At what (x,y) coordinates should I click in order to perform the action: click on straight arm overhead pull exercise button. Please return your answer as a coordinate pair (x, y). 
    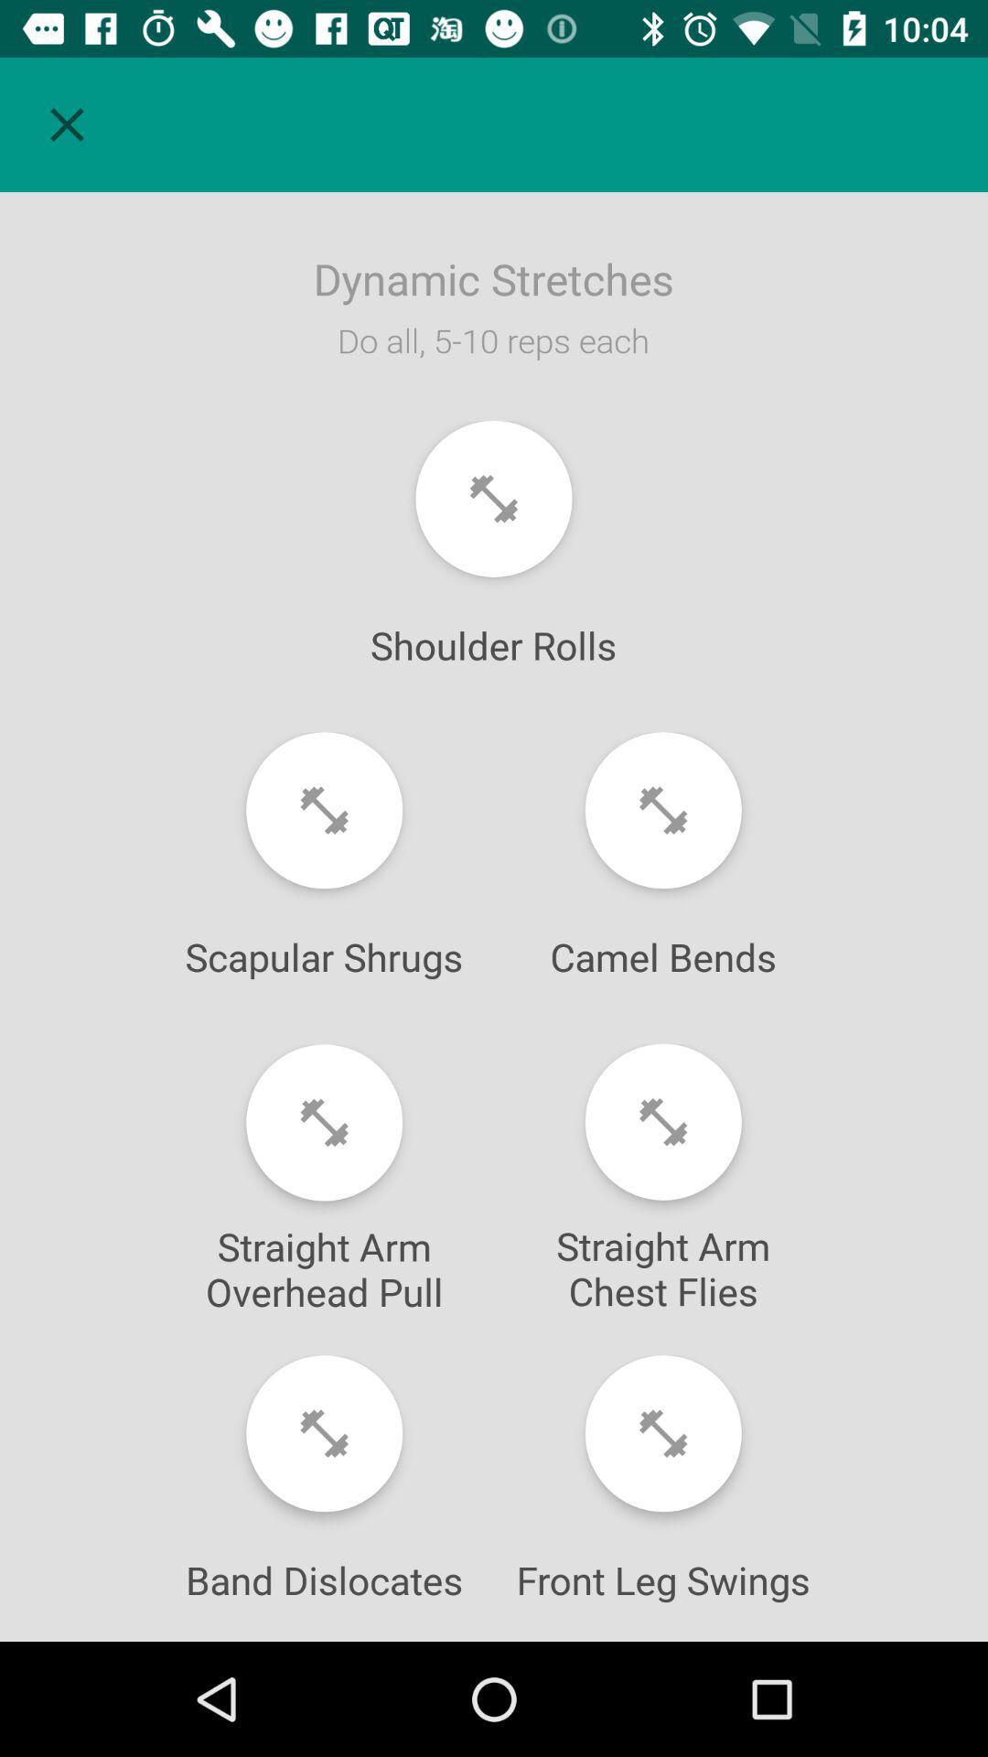
    Looking at the image, I should click on (323, 1122).